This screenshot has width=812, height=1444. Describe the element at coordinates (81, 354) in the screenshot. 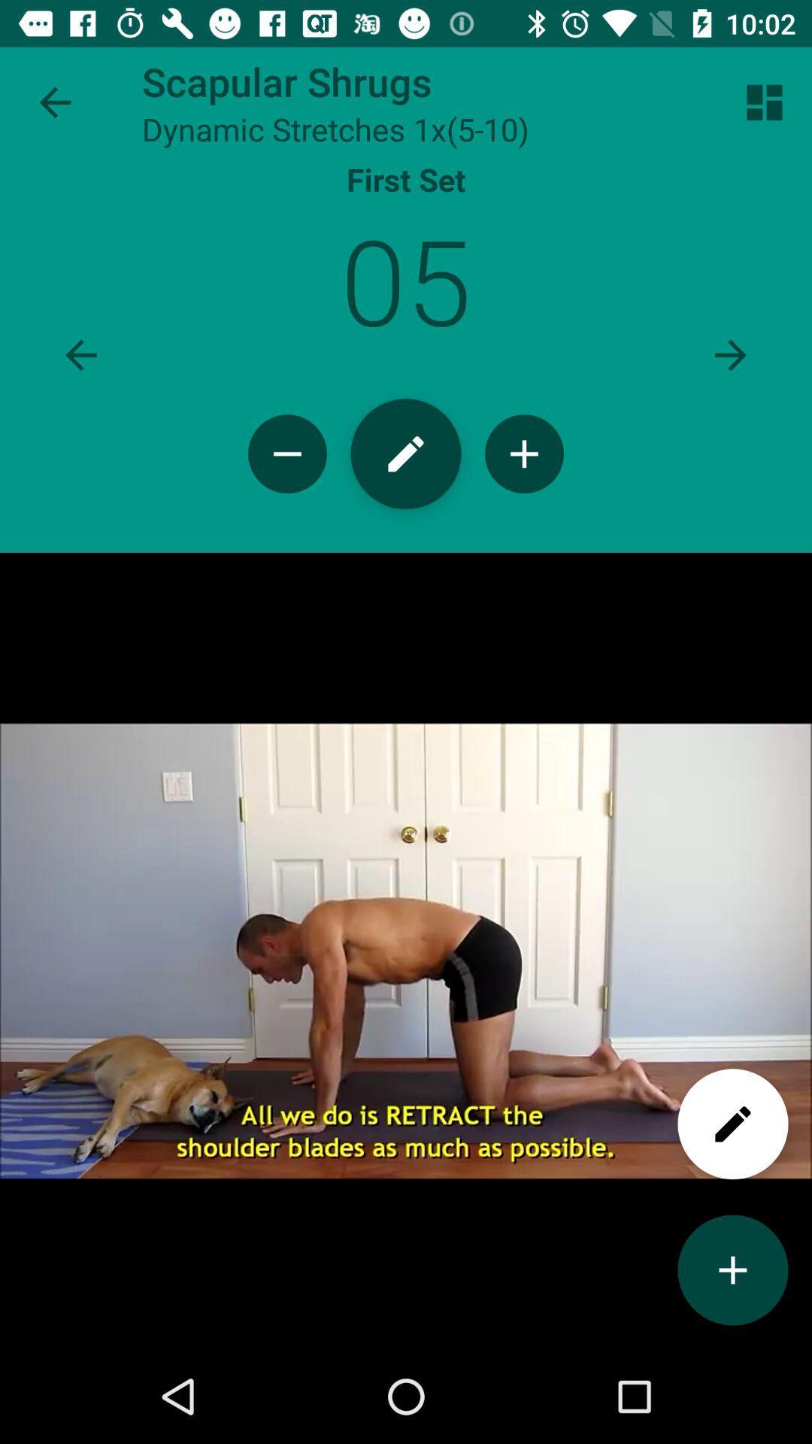

I see `previous` at that location.